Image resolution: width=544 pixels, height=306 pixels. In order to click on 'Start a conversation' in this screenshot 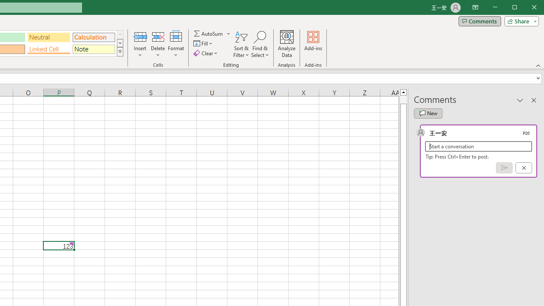, I will do `click(479, 146)`.